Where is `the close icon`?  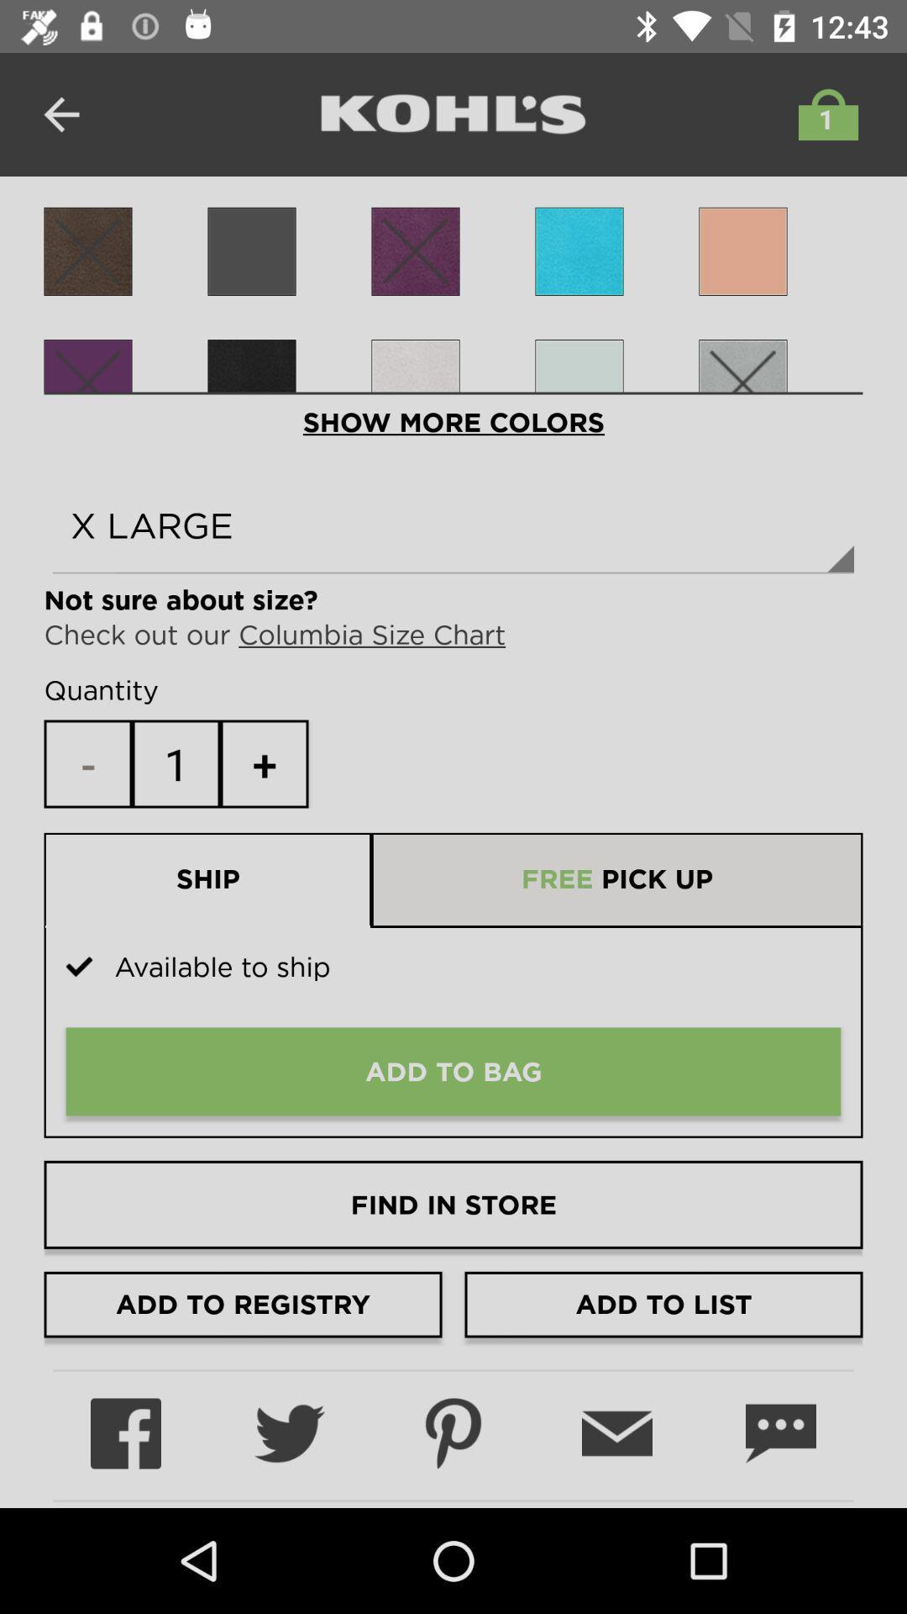
the close icon is located at coordinates (415, 251).